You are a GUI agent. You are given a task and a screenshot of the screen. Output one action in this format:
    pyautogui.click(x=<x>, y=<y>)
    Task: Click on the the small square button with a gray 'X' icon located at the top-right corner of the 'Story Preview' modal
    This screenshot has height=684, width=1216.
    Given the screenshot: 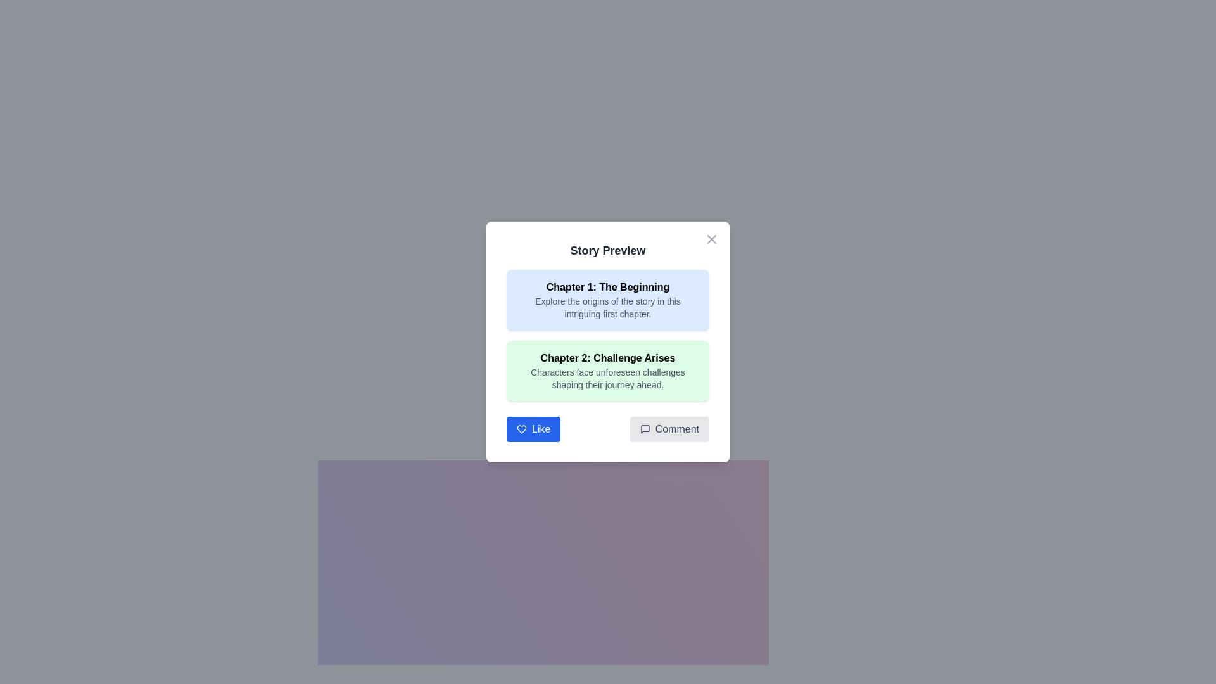 What is the action you would take?
    pyautogui.click(x=711, y=239)
    